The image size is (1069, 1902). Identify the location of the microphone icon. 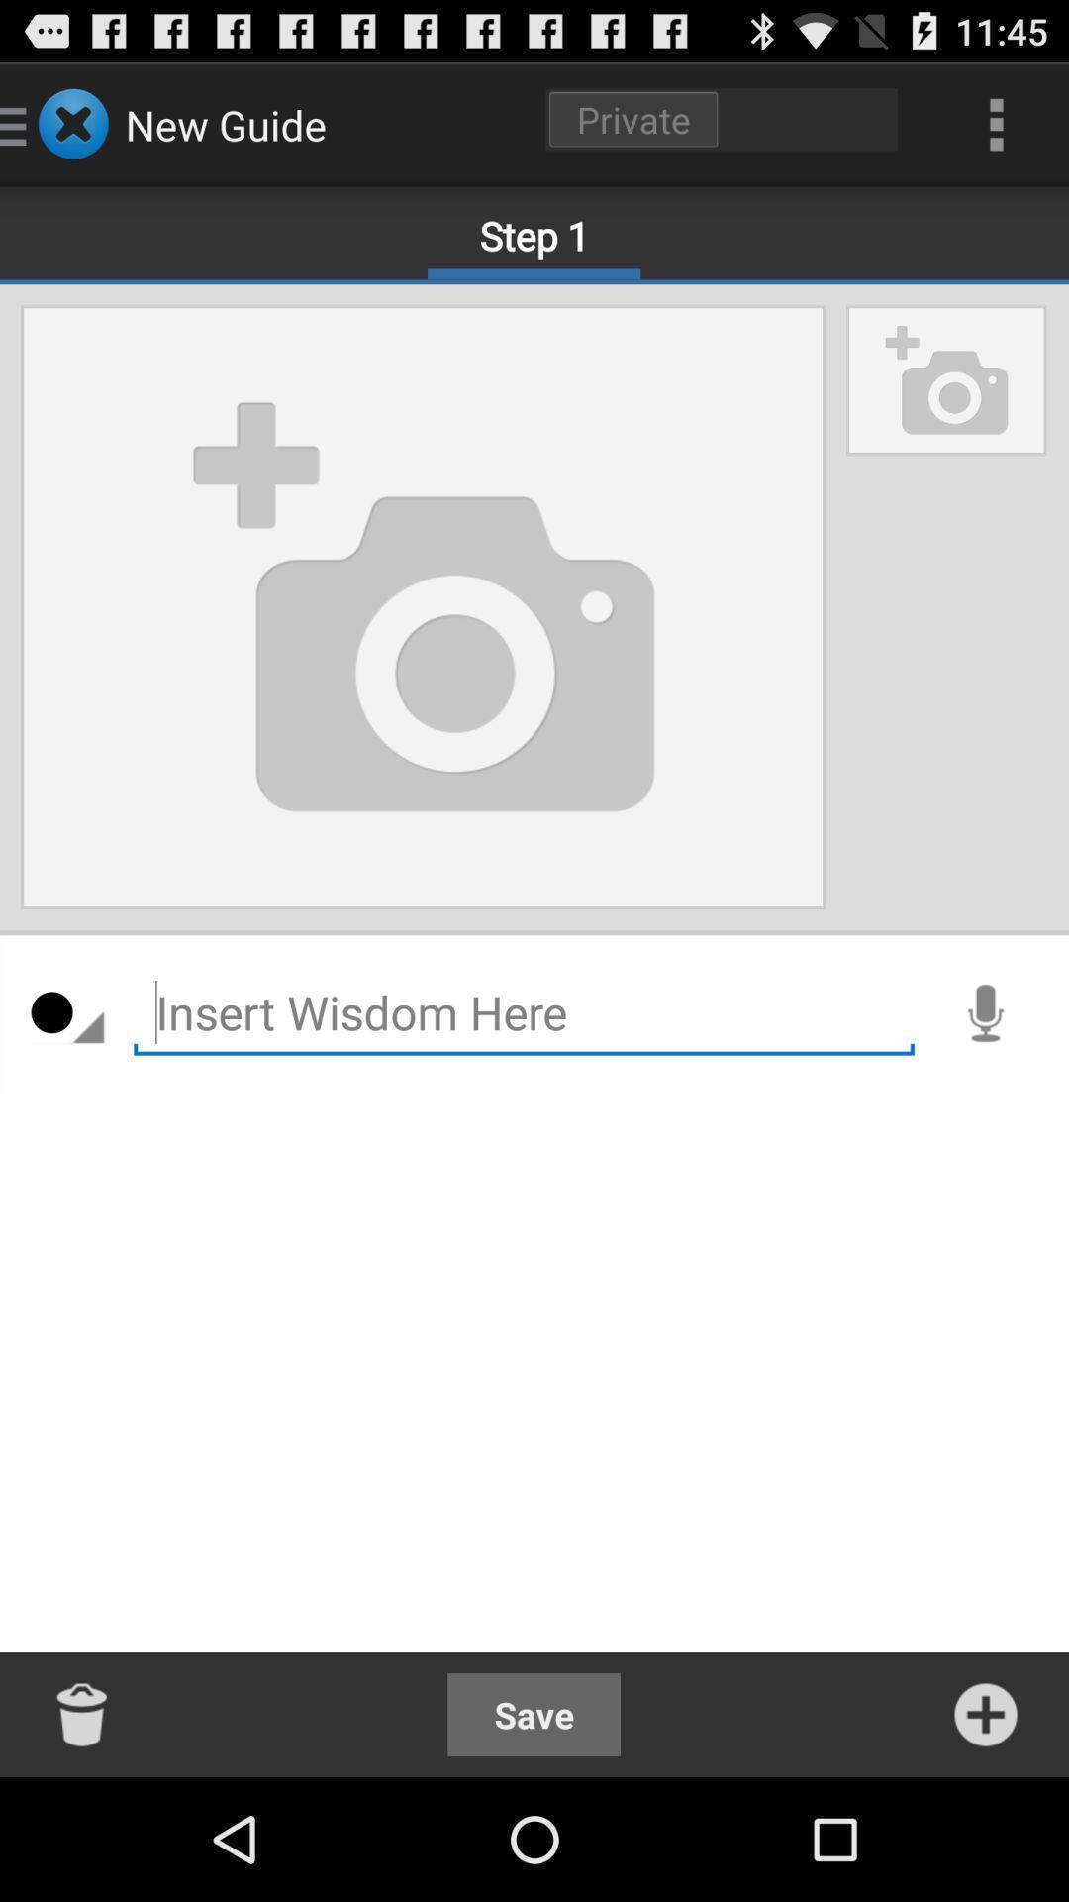
(985, 1083).